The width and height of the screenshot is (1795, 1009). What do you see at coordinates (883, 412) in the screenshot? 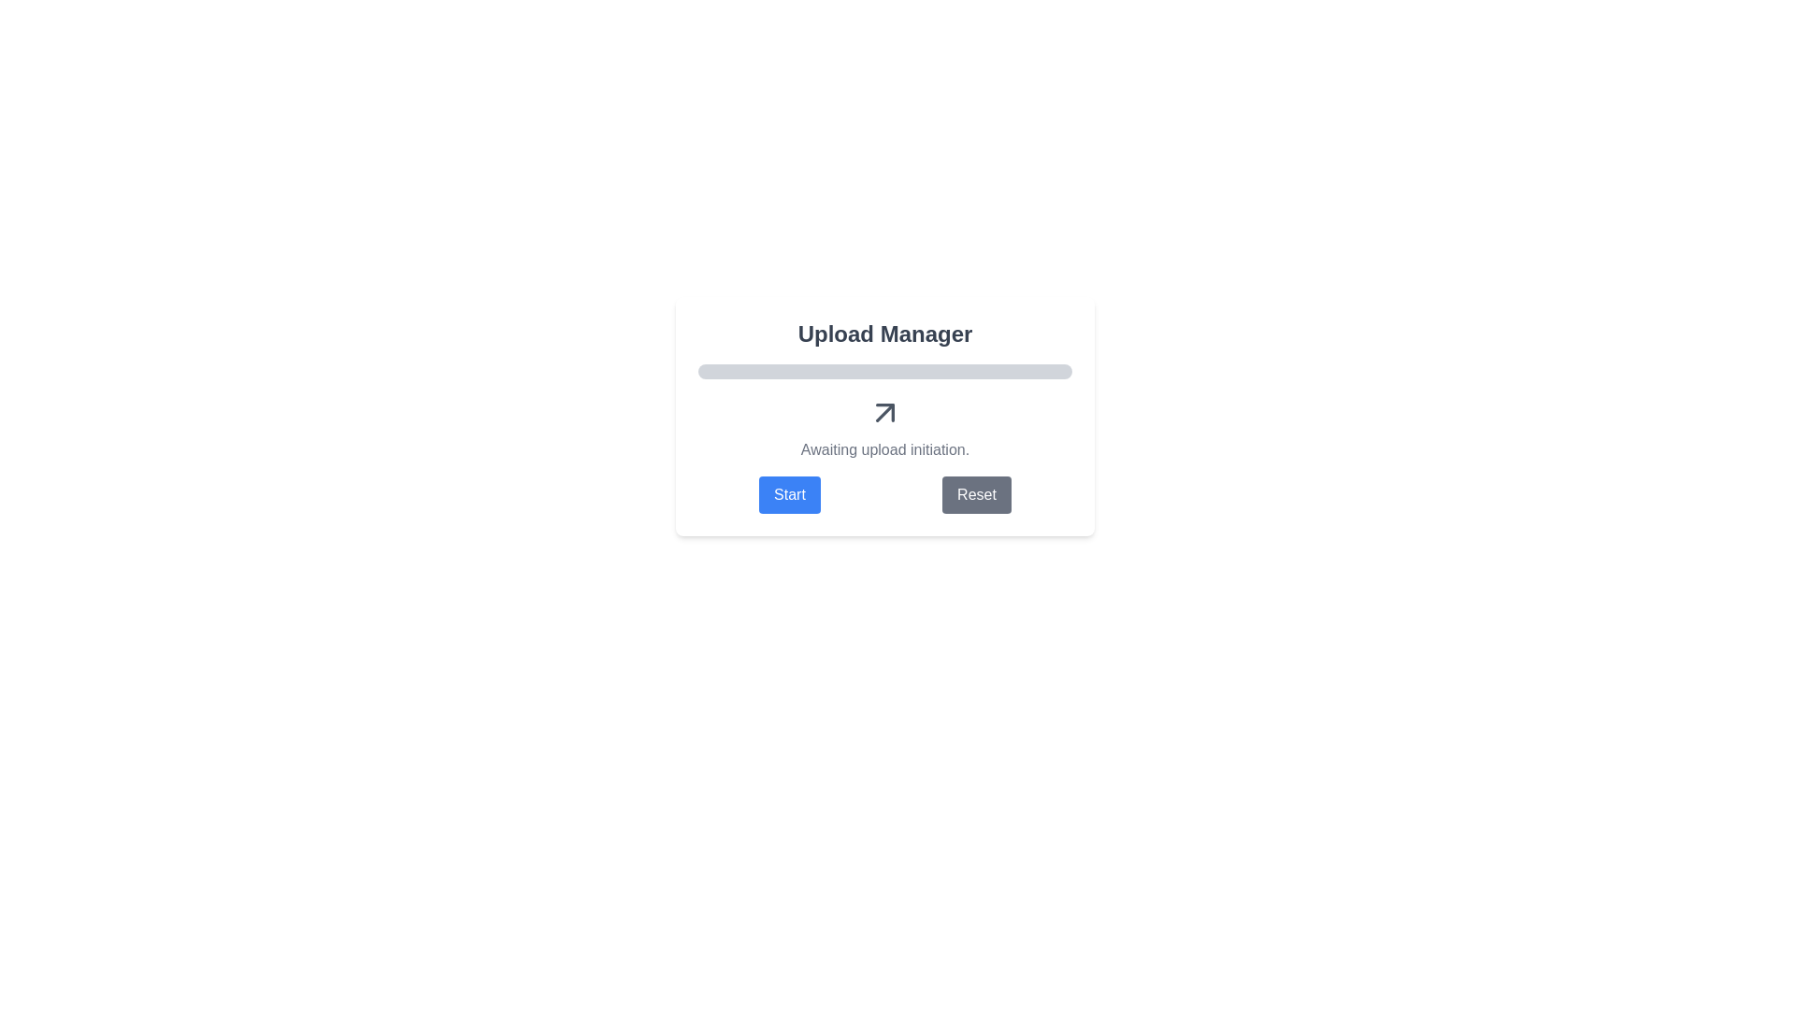
I see `the centrally positioned SVG-based arrow icon that serves as a visual indicator for direction or navigation within the status and actions section` at bounding box center [883, 412].